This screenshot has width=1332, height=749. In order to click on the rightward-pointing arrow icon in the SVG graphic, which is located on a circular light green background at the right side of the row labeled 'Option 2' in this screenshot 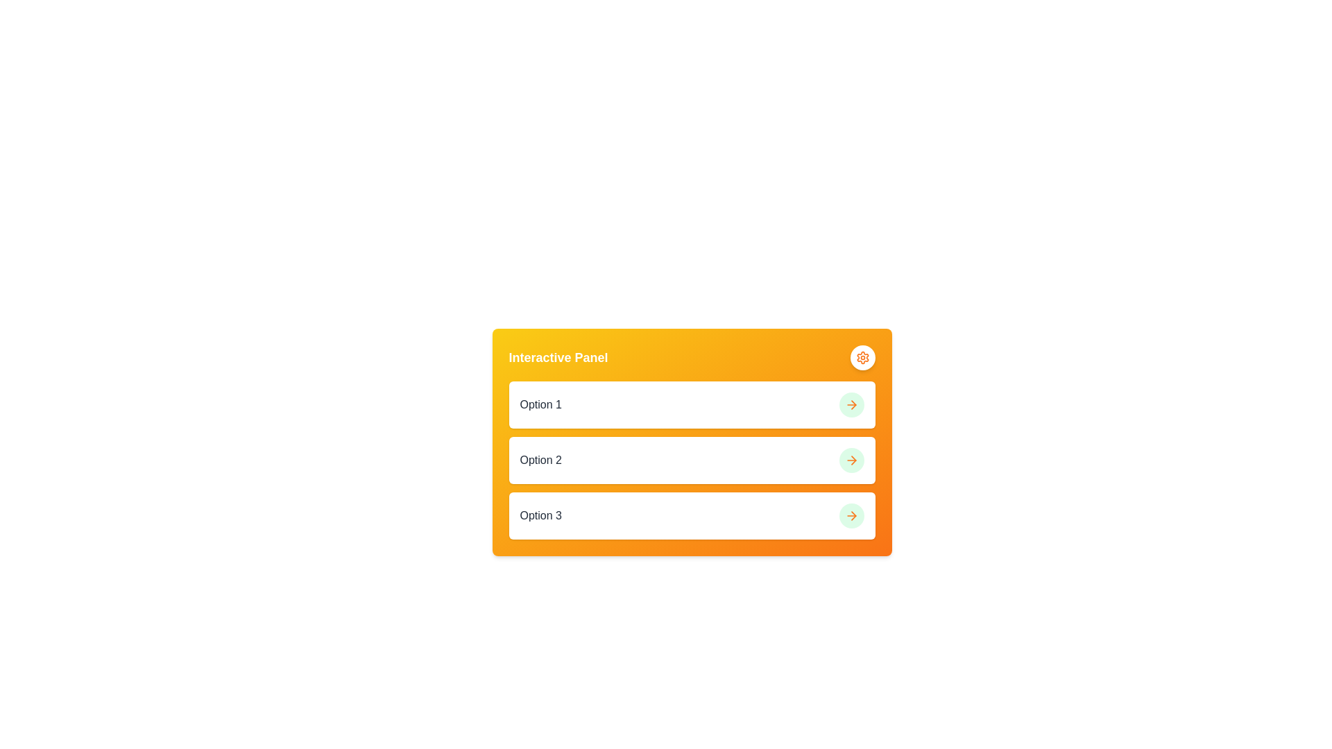, I will do `click(853, 460)`.